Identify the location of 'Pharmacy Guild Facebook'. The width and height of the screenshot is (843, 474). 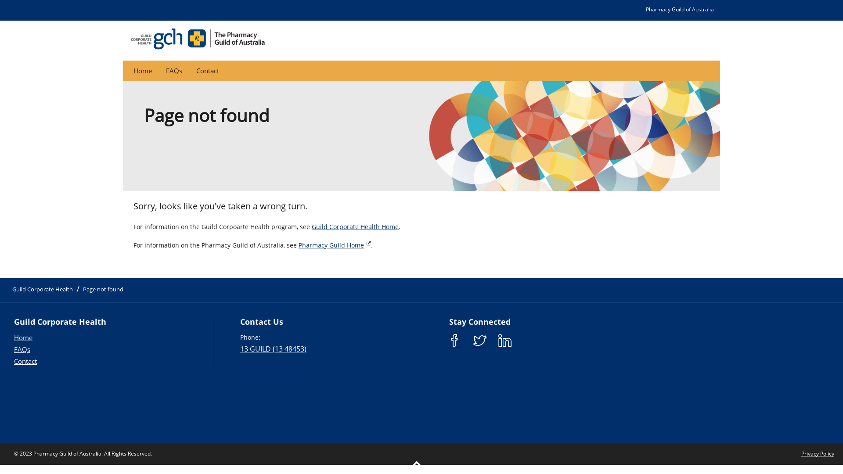
(454, 340).